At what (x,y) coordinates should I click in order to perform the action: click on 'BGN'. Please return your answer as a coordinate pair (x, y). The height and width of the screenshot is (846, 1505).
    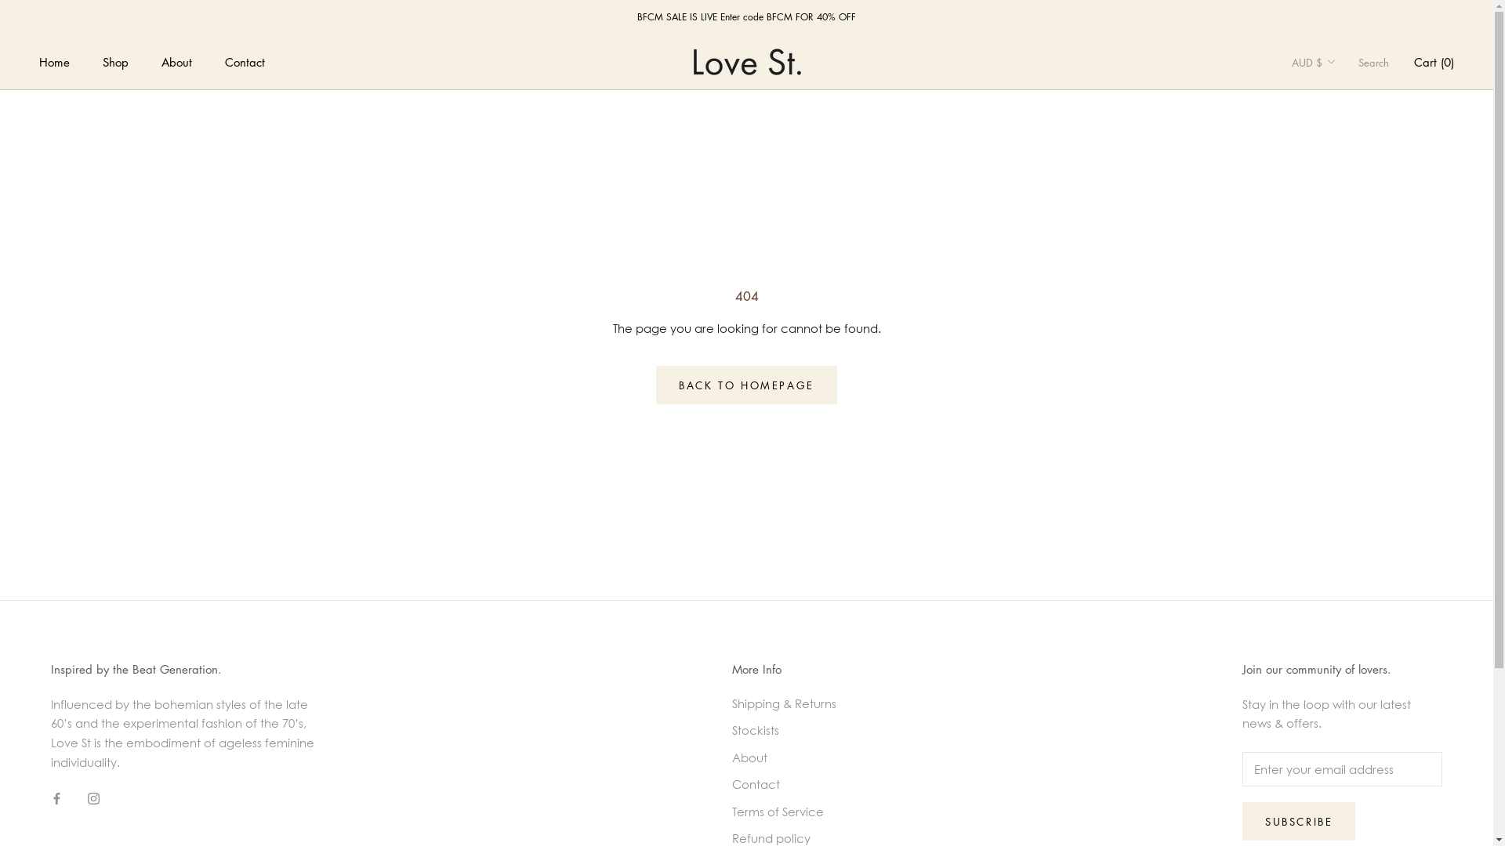
    Looking at the image, I should click on (1338, 369).